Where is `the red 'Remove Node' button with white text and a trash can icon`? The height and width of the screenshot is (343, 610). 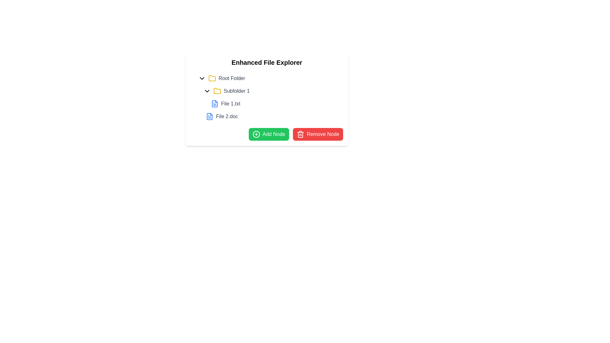 the red 'Remove Node' button with white text and a trash can icon is located at coordinates (318, 134).